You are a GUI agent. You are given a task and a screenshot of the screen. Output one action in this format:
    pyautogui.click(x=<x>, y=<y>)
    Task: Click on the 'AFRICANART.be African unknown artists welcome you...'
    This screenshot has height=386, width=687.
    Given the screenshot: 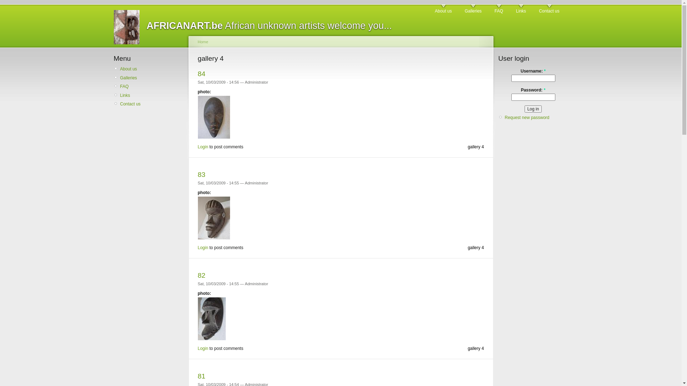 What is the action you would take?
    pyautogui.click(x=269, y=25)
    